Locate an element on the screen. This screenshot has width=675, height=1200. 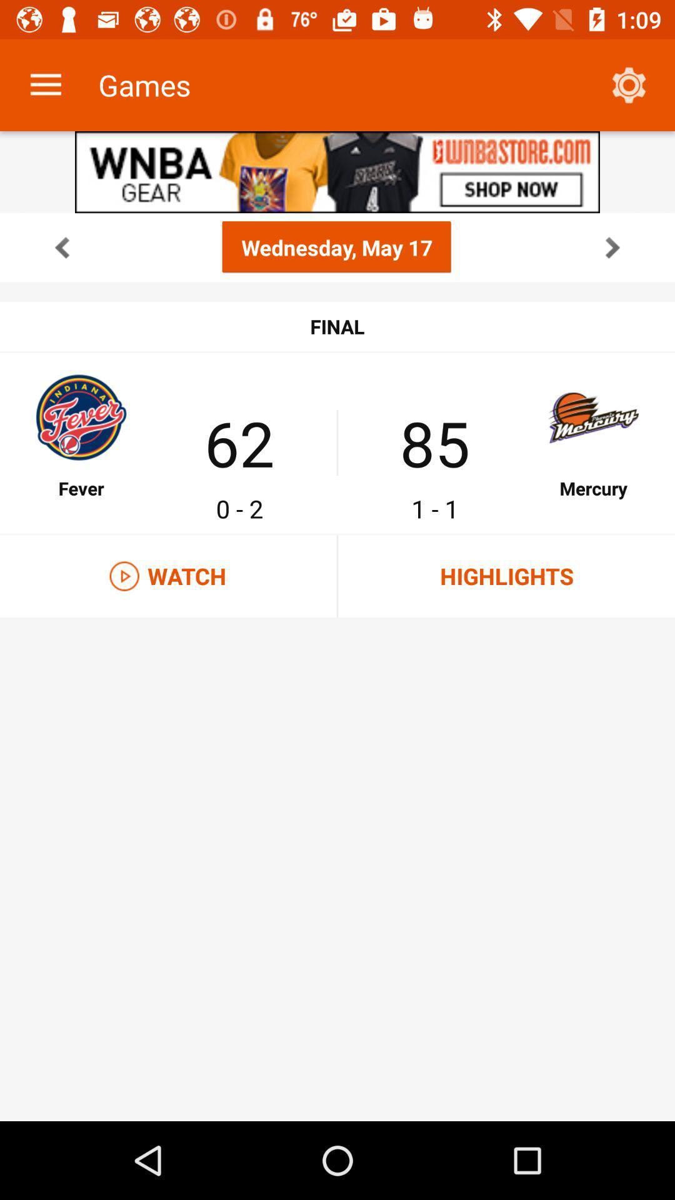
the arrow_forward icon is located at coordinates (612, 247).